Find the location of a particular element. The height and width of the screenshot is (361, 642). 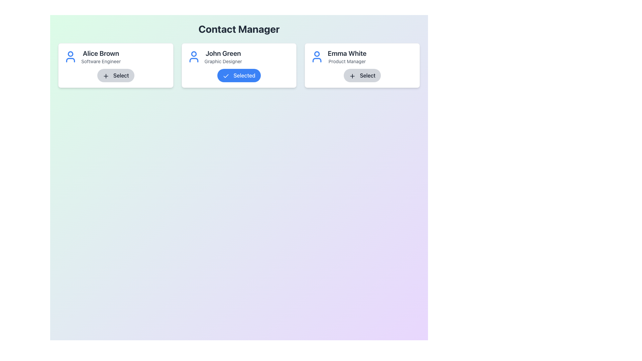

the Text Label displaying the name of an individual, which is located above the text 'Product Manager' in the top-right card is located at coordinates (347, 53).